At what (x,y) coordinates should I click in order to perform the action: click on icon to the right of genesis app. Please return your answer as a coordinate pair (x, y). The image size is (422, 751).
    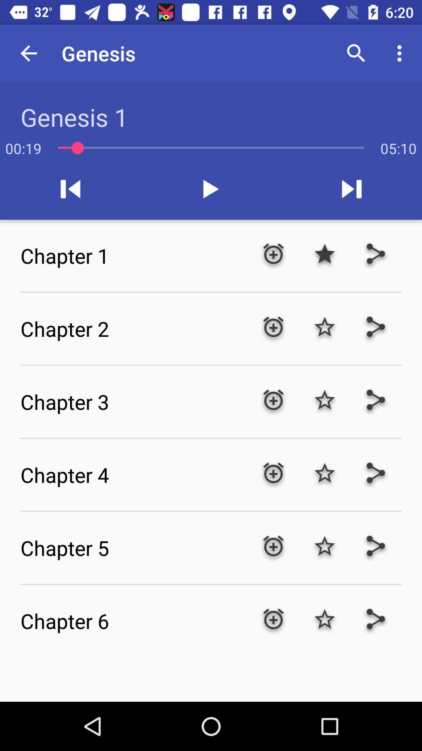
    Looking at the image, I should click on (356, 53).